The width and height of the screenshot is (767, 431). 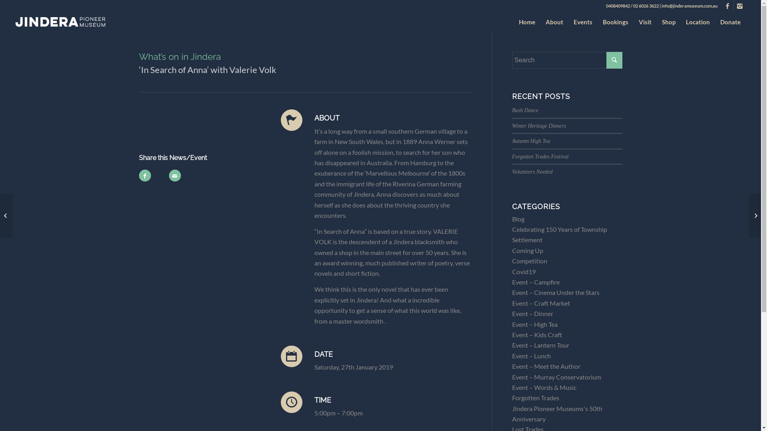 I want to click on 'Home', so click(x=514, y=21).